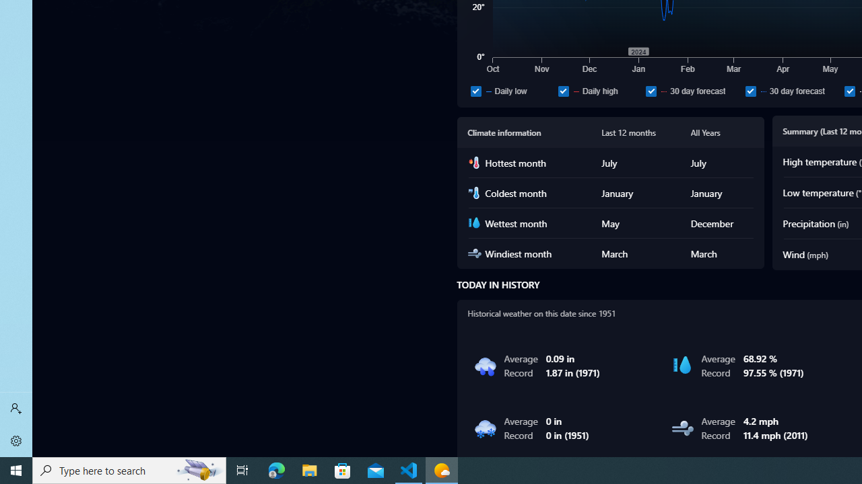  What do you see at coordinates (442, 469) in the screenshot?
I see `'Weather - 1 running window'` at bounding box center [442, 469].